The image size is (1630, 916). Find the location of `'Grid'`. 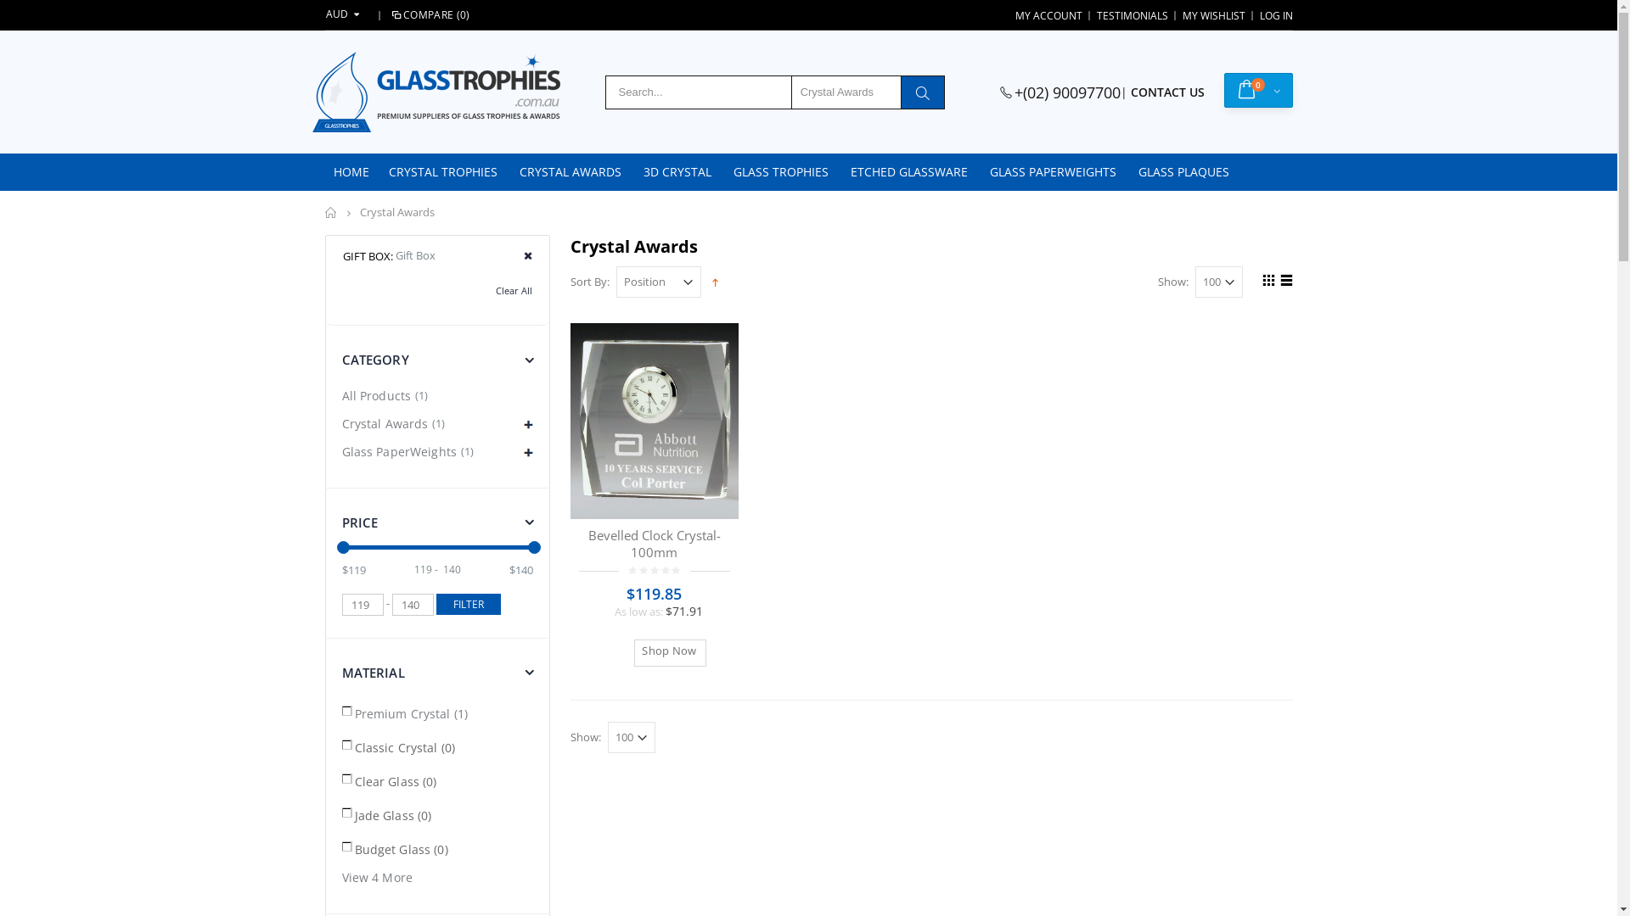

'Grid' is located at coordinates (1266, 281).